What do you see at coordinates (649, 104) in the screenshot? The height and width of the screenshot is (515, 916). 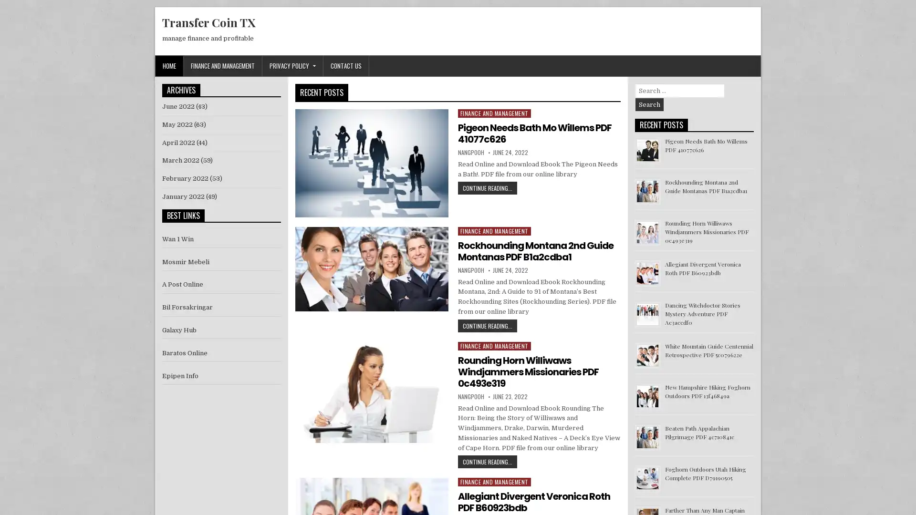 I see `Search` at bounding box center [649, 104].